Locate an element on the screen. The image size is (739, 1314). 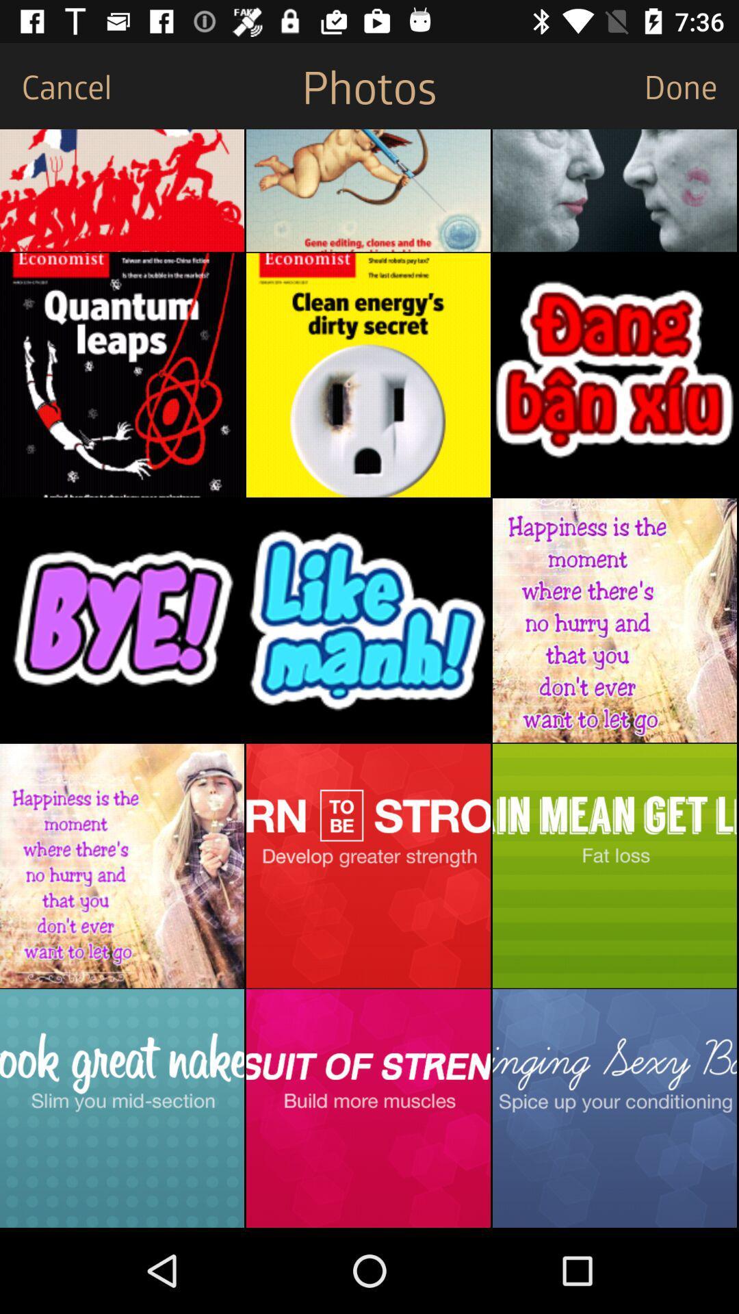
photo is located at coordinates (121, 1108).